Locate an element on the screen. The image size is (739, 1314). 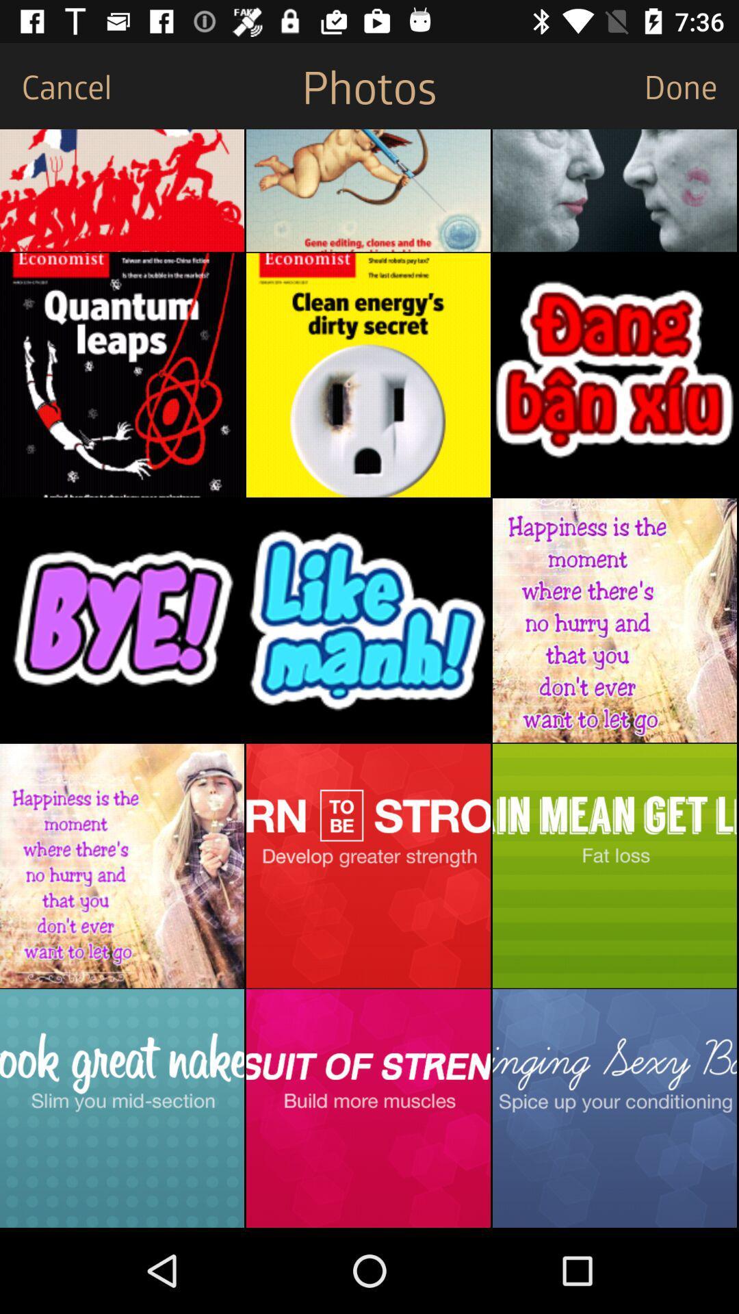
photo is located at coordinates (121, 1108).